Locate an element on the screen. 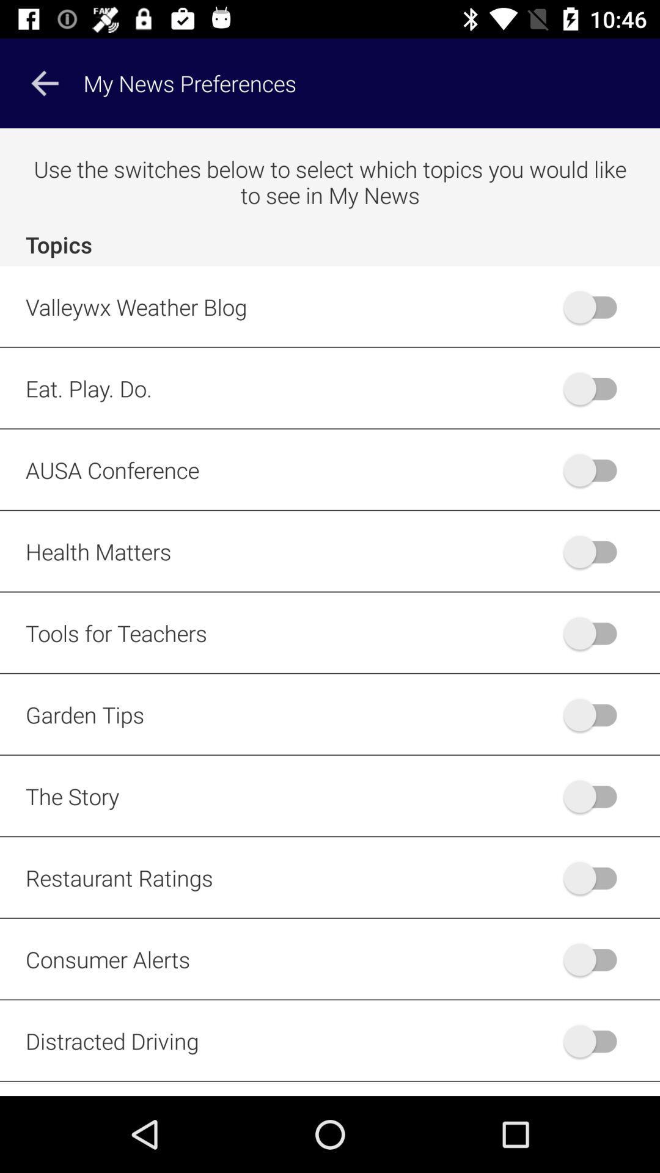  go back is located at coordinates (44, 82).